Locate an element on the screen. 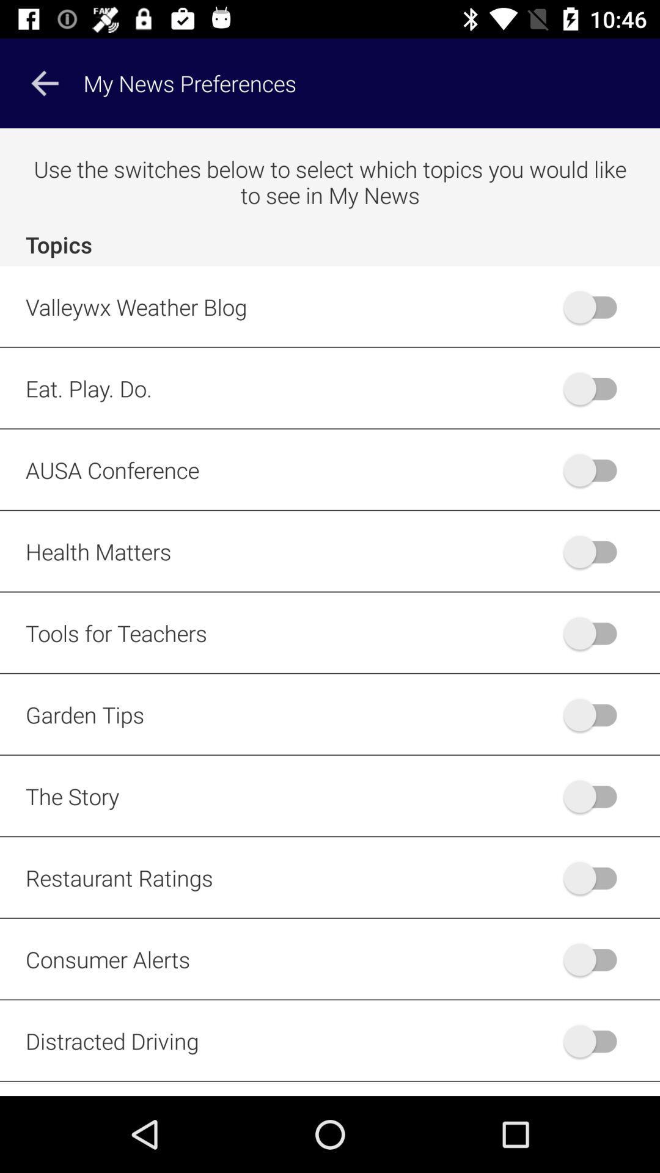  go back is located at coordinates (44, 82).